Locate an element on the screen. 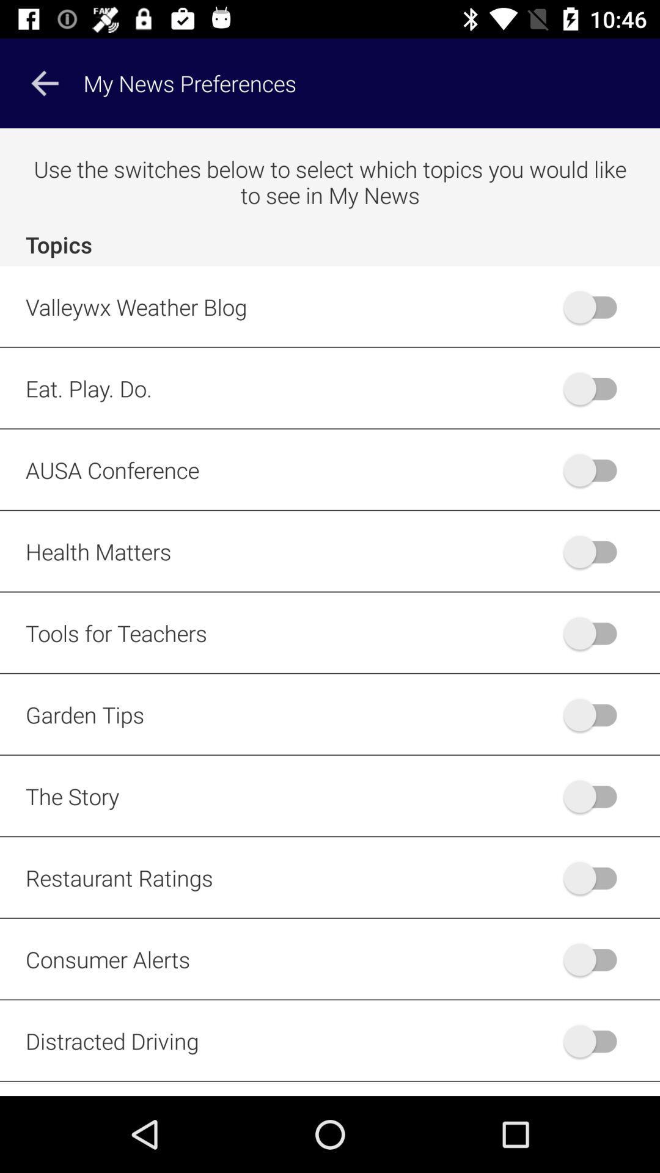  go back is located at coordinates (44, 82).